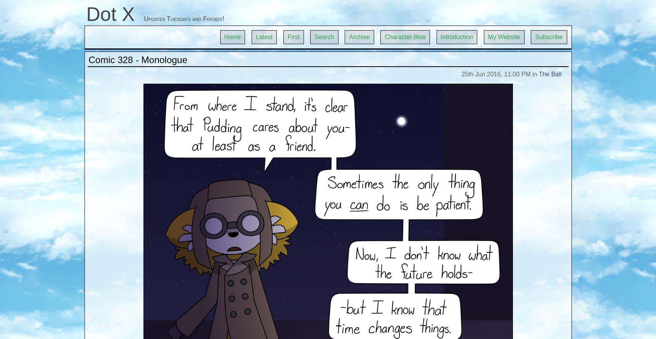  Describe the element at coordinates (488, 37) in the screenshot. I see `'My Website'` at that location.